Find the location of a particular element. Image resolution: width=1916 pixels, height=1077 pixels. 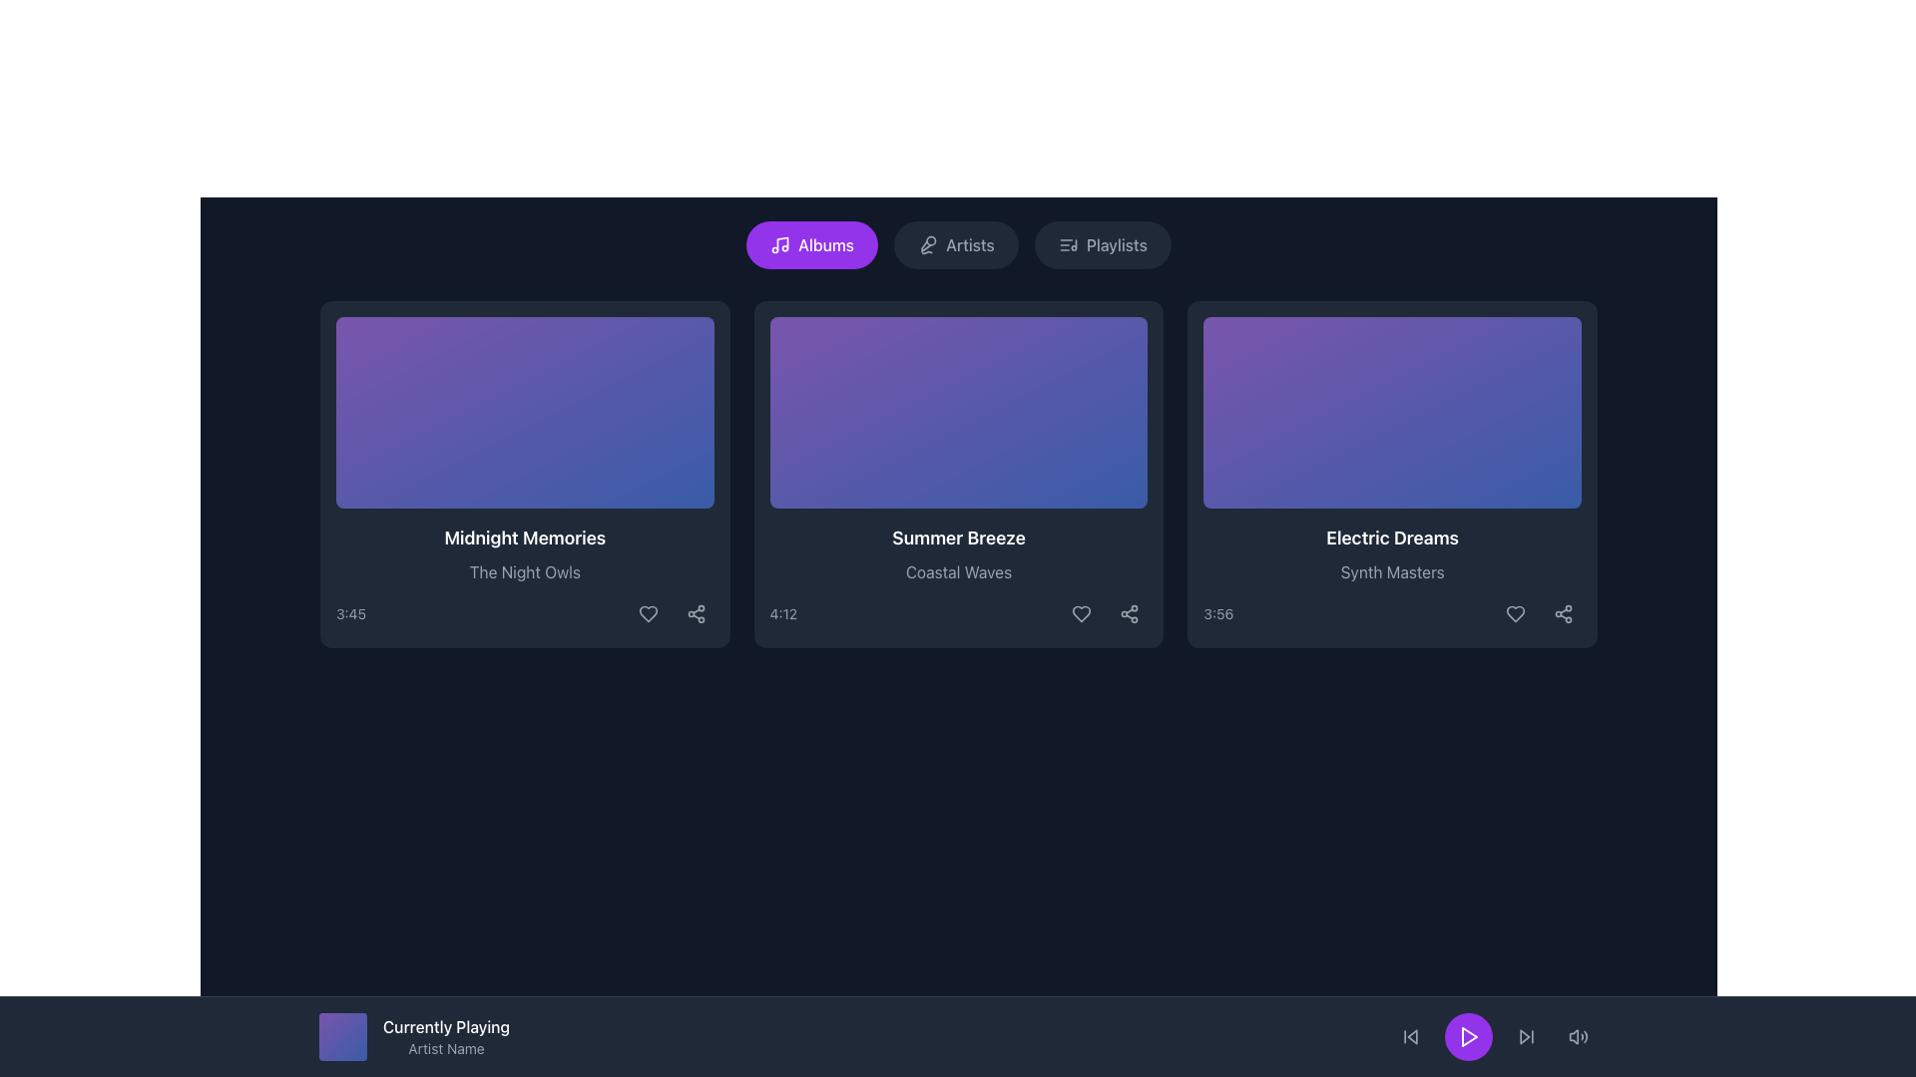

the circular button with a grey background and a right-pointing arrow symbol, located in the bottom navigation bar is located at coordinates (1526, 1036).